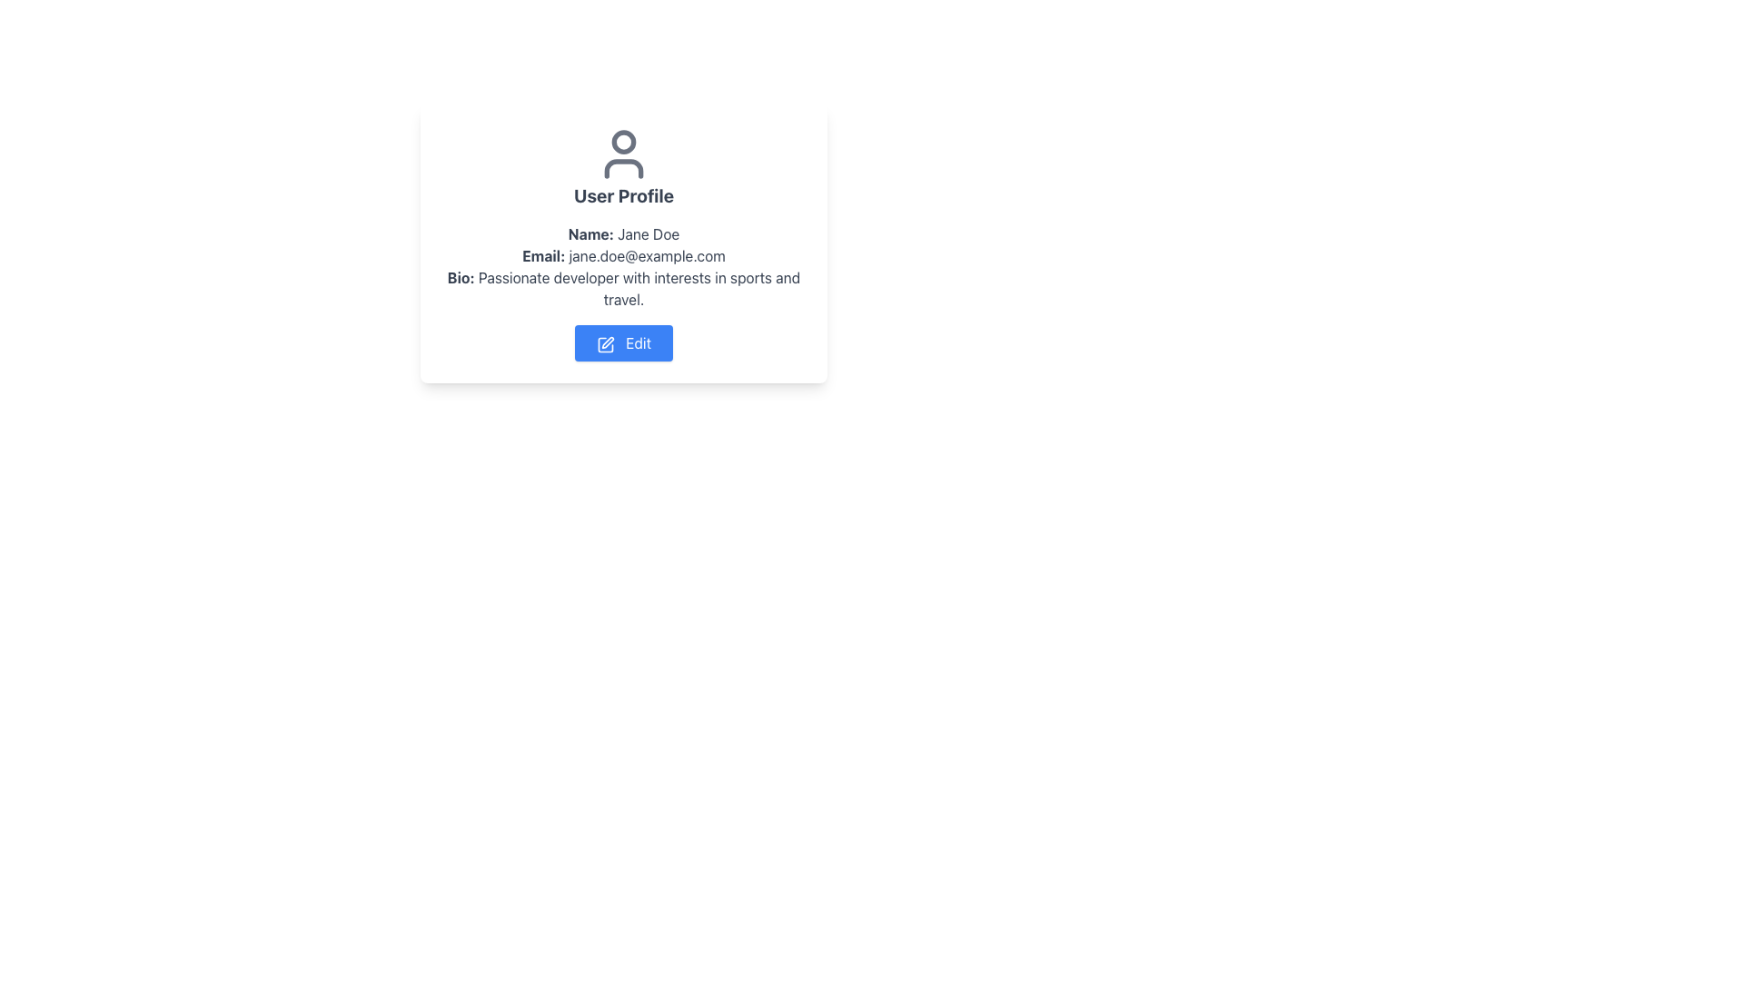  What do you see at coordinates (623, 153) in the screenshot?
I see `the user profile icon, which is depicted as an outline of a person in gray, located at the top-center of the card layout with the title 'User Profile' below it` at bounding box center [623, 153].